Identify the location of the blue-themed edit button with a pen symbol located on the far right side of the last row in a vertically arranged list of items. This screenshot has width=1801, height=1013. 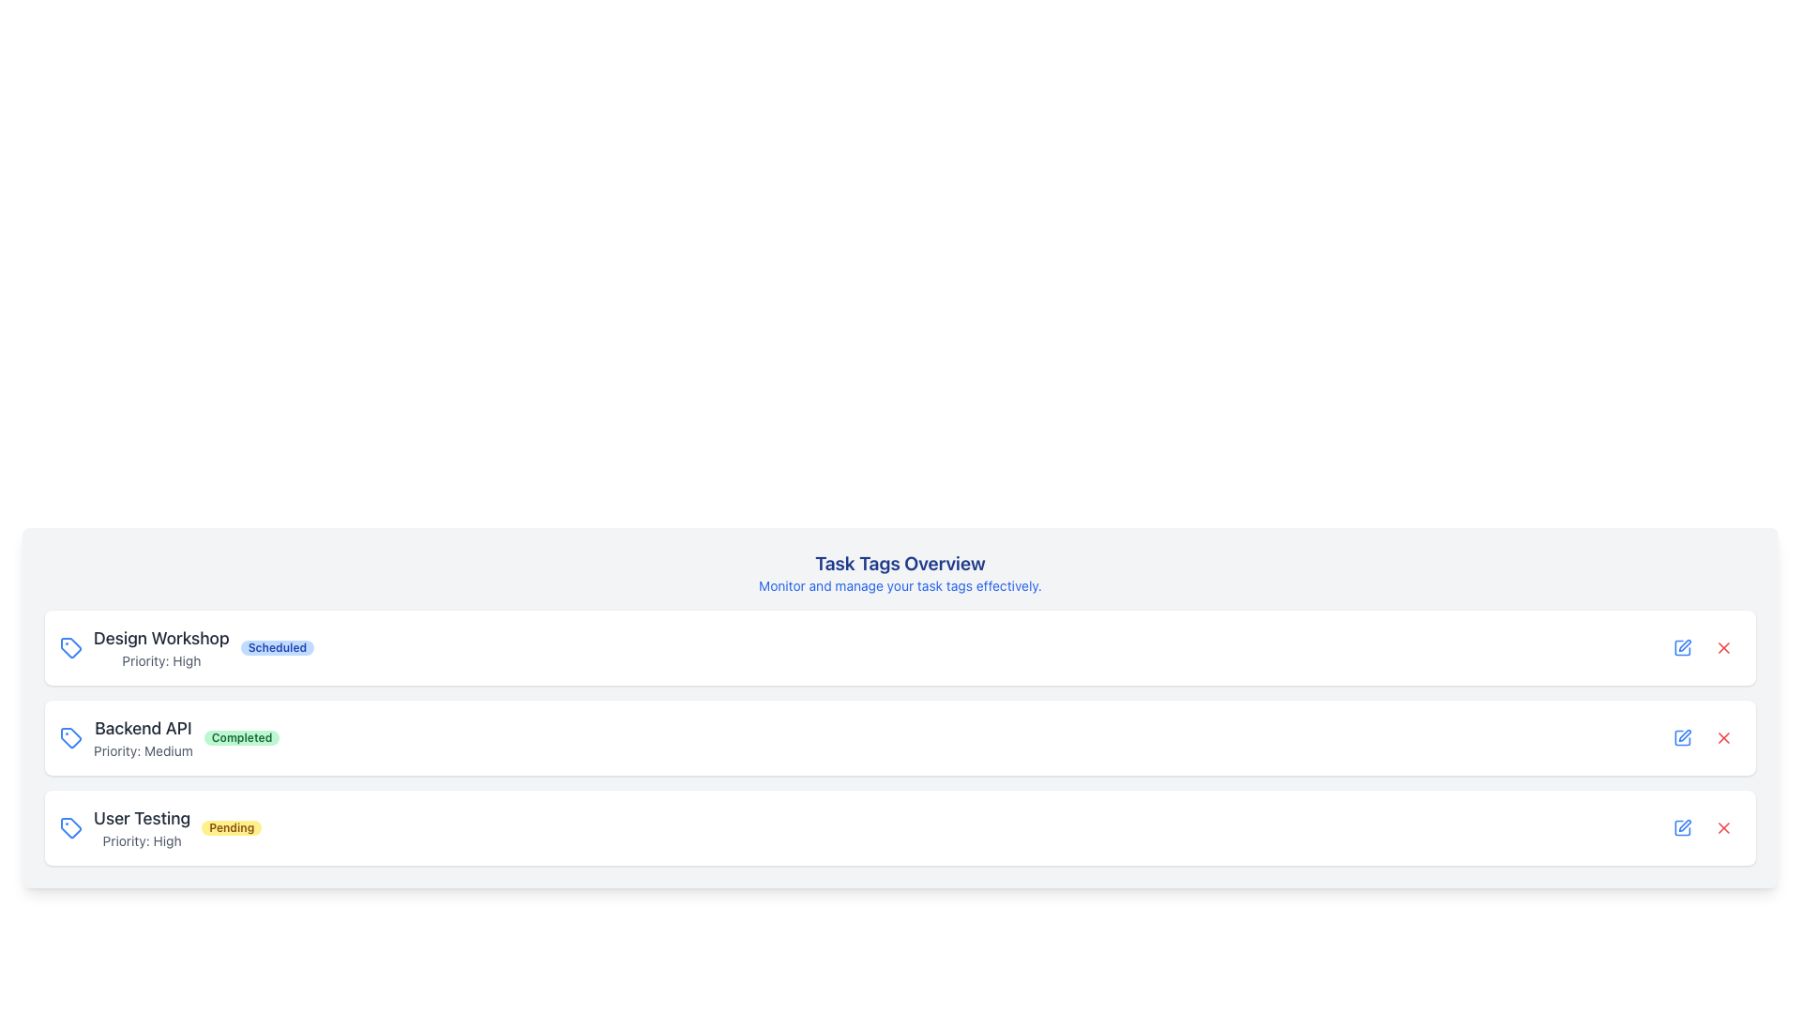
(1683, 827).